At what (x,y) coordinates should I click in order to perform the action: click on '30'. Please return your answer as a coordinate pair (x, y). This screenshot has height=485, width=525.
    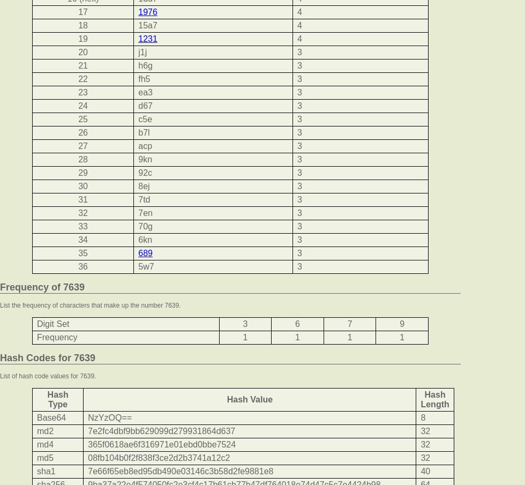
    Looking at the image, I should click on (83, 185).